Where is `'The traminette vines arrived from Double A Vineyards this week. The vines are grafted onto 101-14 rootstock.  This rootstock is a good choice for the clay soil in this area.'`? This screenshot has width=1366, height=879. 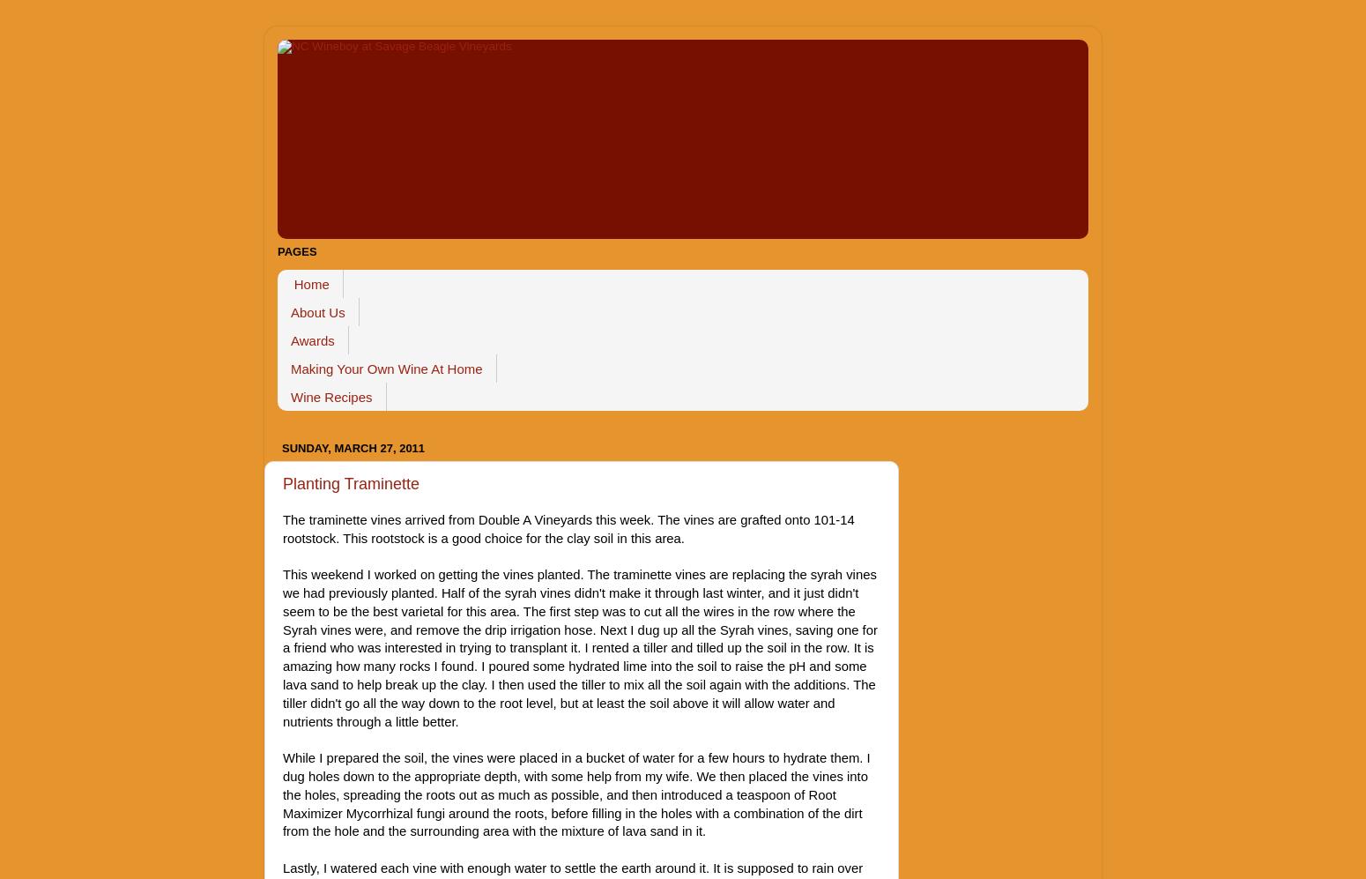 'The traminette vines arrived from Double A Vineyards this week. The vines are grafted onto 101-14 rootstock.  This rootstock is a good choice for the clay soil in this area.' is located at coordinates (567, 527).